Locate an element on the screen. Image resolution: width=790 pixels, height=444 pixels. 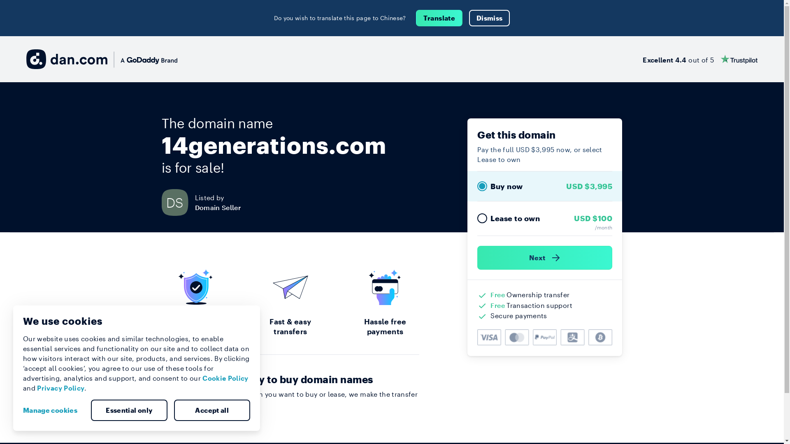
'Privacy Policy' is located at coordinates (60, 388).